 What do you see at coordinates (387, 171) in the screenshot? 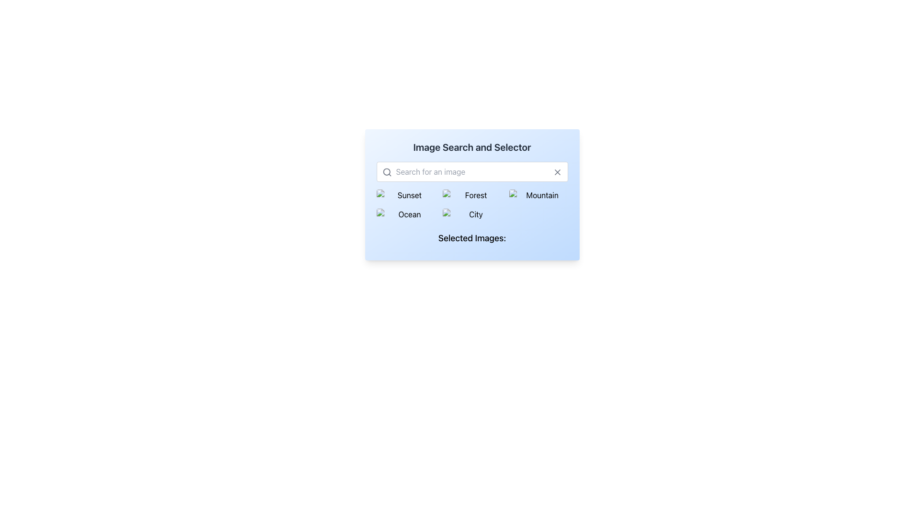
I see `the search icon located at the top-left corner of the search input field, which indicates the functionality for inputting search queries` at bounding box center [387, 171].